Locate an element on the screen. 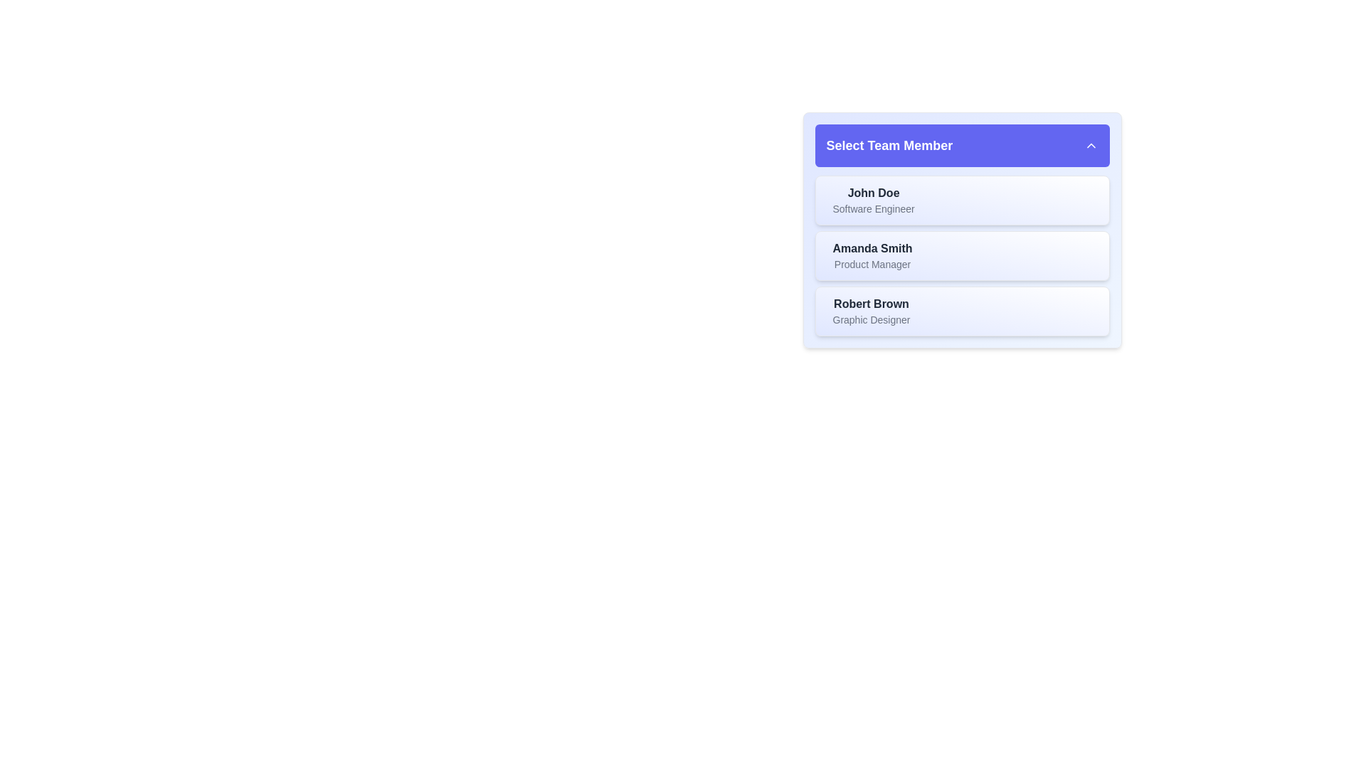 The height and width of the screenshot is (768, 1366). the label that serves as a header for the dropdown menu, located at the top left area of the dropdown menu panel is located at coordinates (889, 145).